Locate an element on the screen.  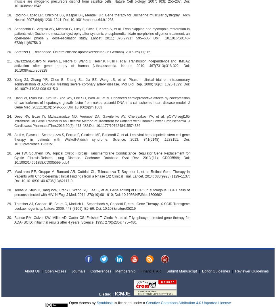
'Spreitzer H. Rimeporide.  Österreichische apothekerzeitung (in German). 2015; 69(11):12.' is located at coordinates (82, 52).